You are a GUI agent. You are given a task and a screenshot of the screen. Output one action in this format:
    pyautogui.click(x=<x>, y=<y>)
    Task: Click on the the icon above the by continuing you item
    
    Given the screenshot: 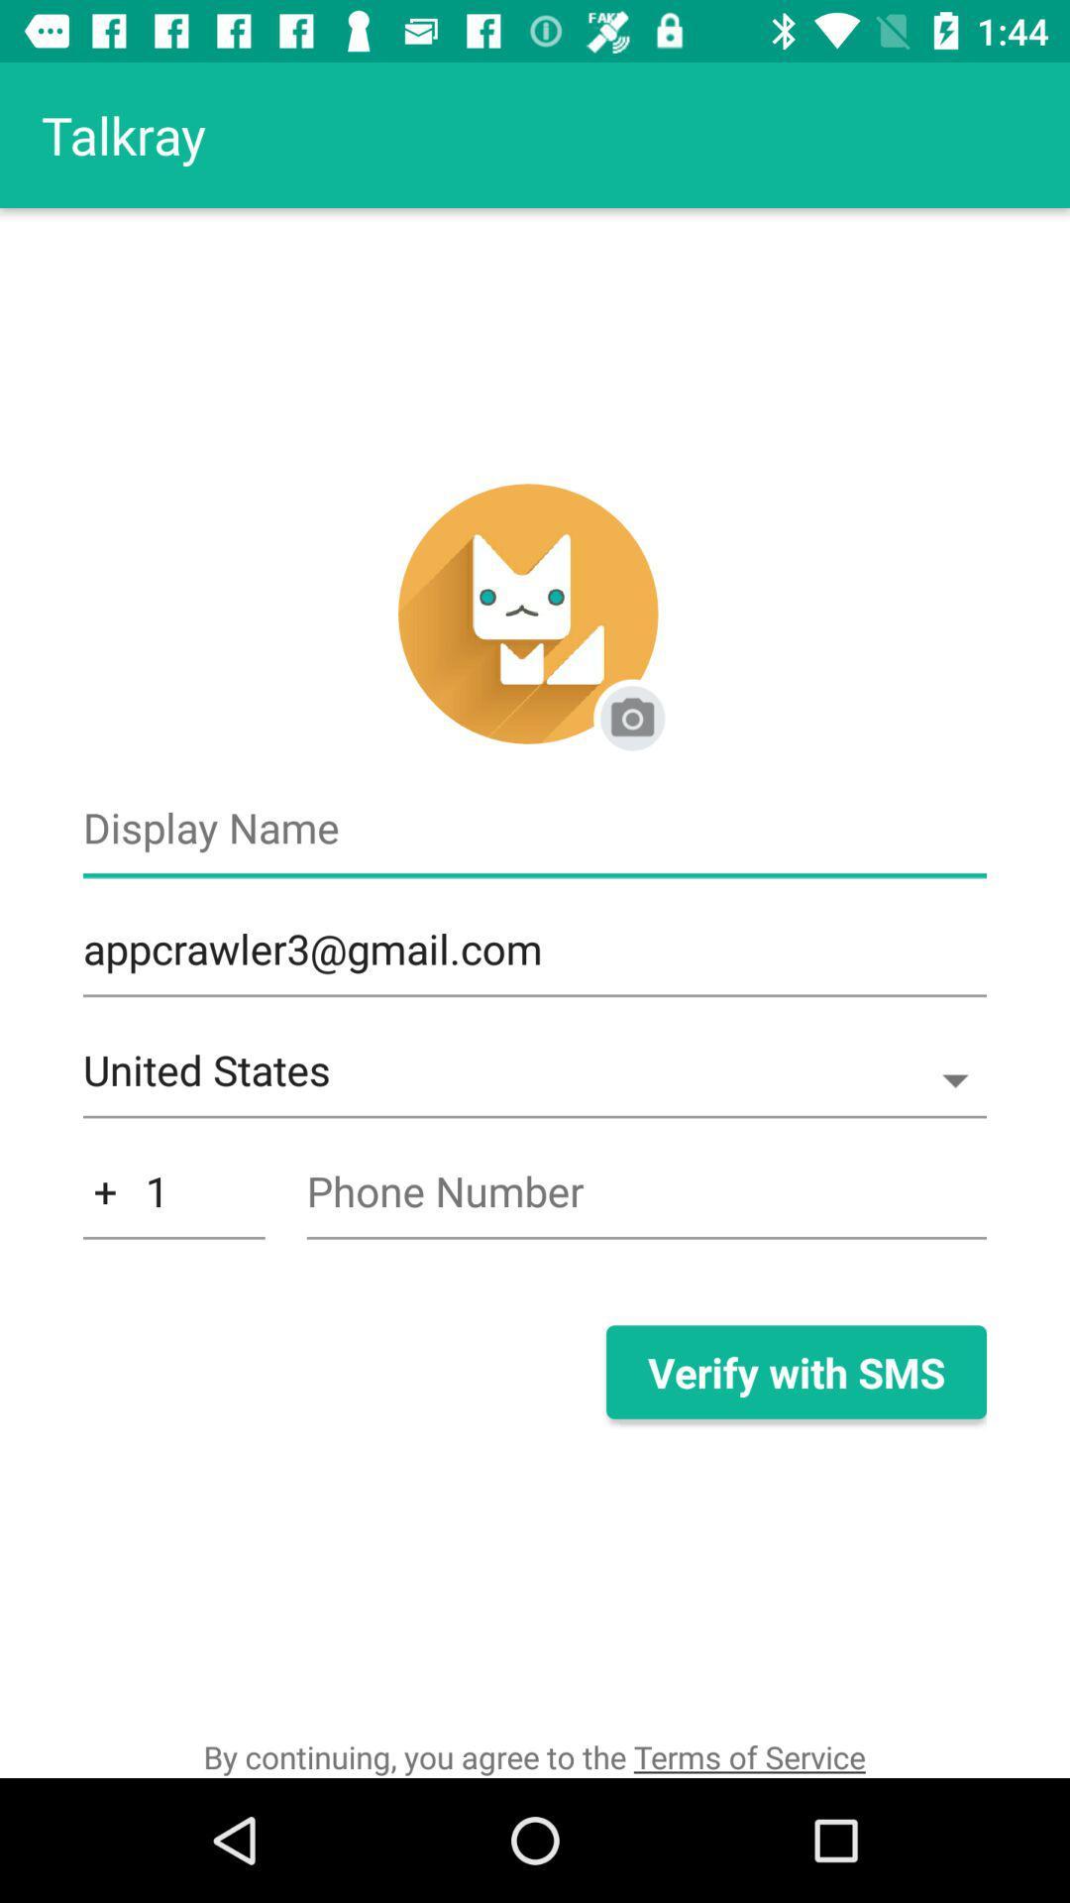 What is the action you would take?
    pyautogui.click(x=172, y=1201)
    